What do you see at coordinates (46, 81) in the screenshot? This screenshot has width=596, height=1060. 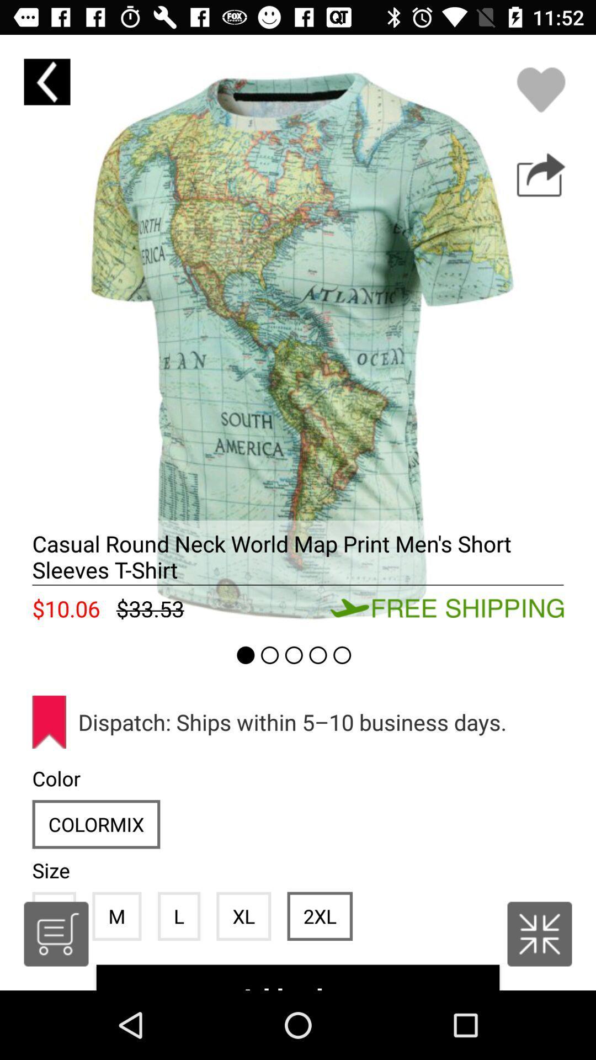 I see `the arrow_backward icon` at bounding box center [46, 81].